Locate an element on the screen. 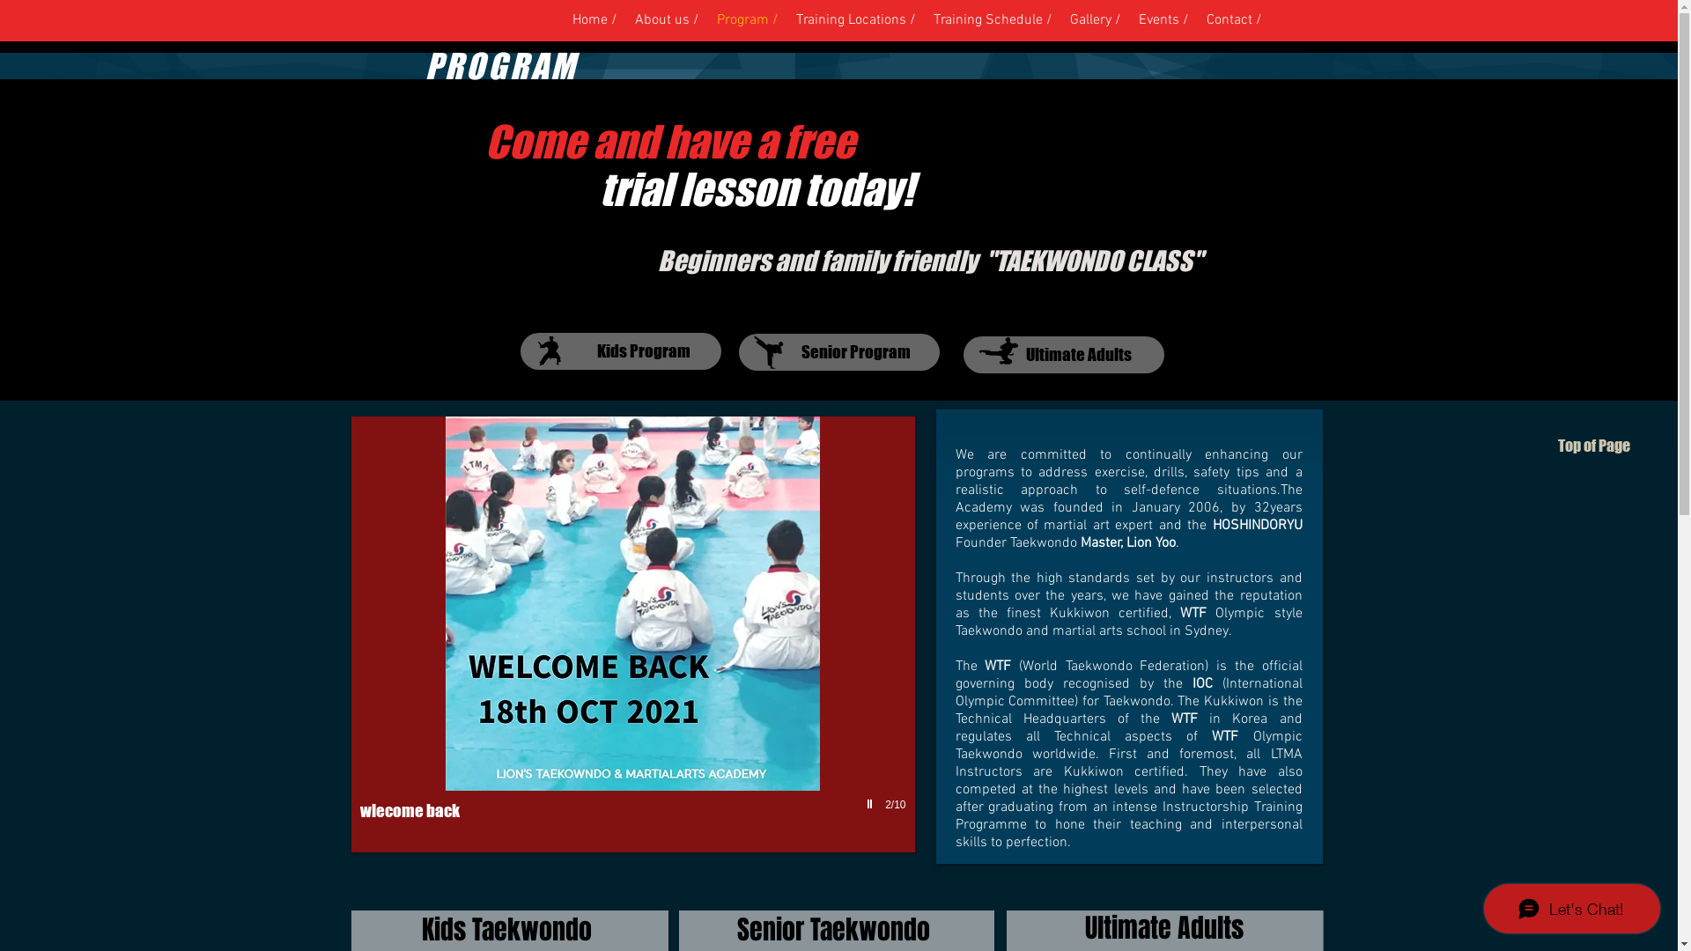  'Top of Page' is located at coordinates (1565, 445).